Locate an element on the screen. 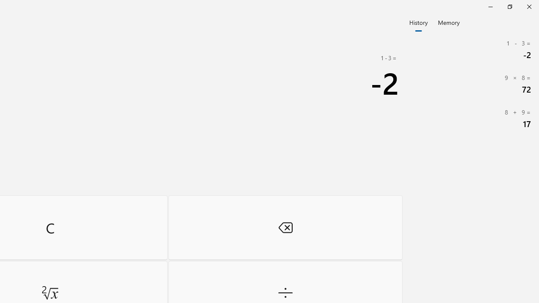  'History' is located at coordinates (418, 21).